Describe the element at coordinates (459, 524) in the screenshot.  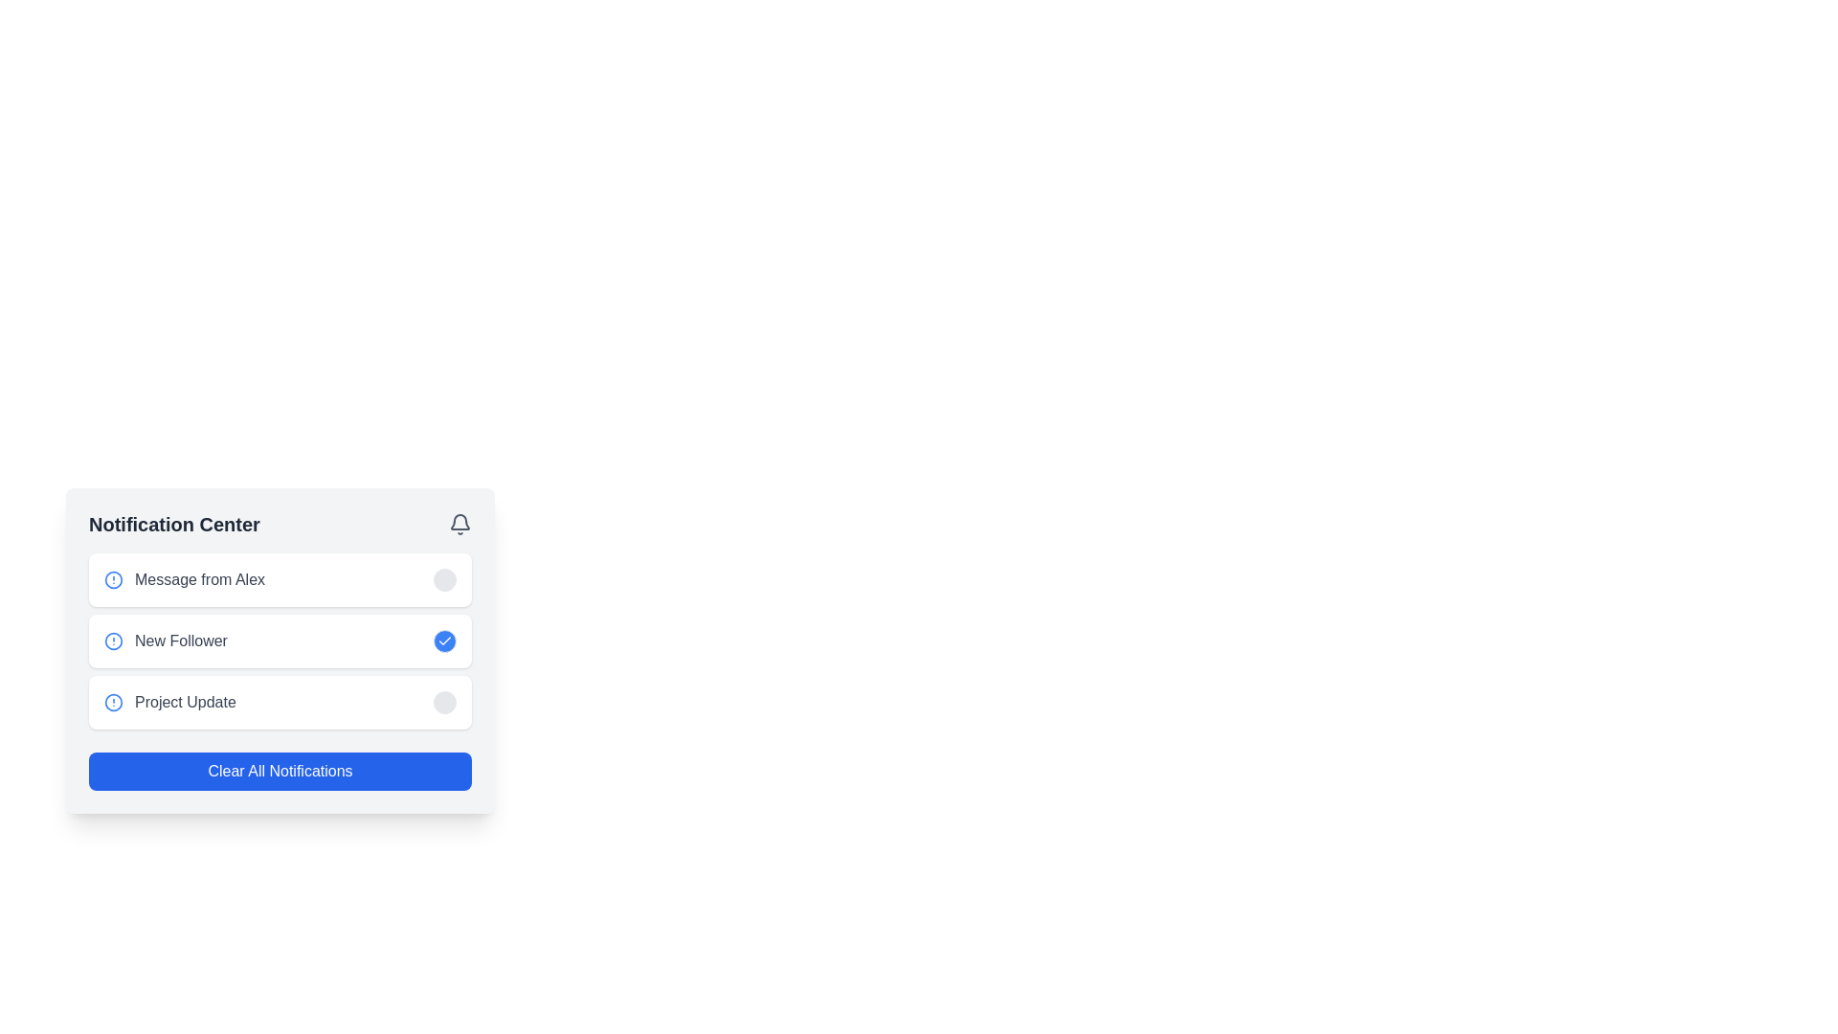
I see `the gray bell-shaped icon located at the top-right corner of the 'Notification Center'` at that location.